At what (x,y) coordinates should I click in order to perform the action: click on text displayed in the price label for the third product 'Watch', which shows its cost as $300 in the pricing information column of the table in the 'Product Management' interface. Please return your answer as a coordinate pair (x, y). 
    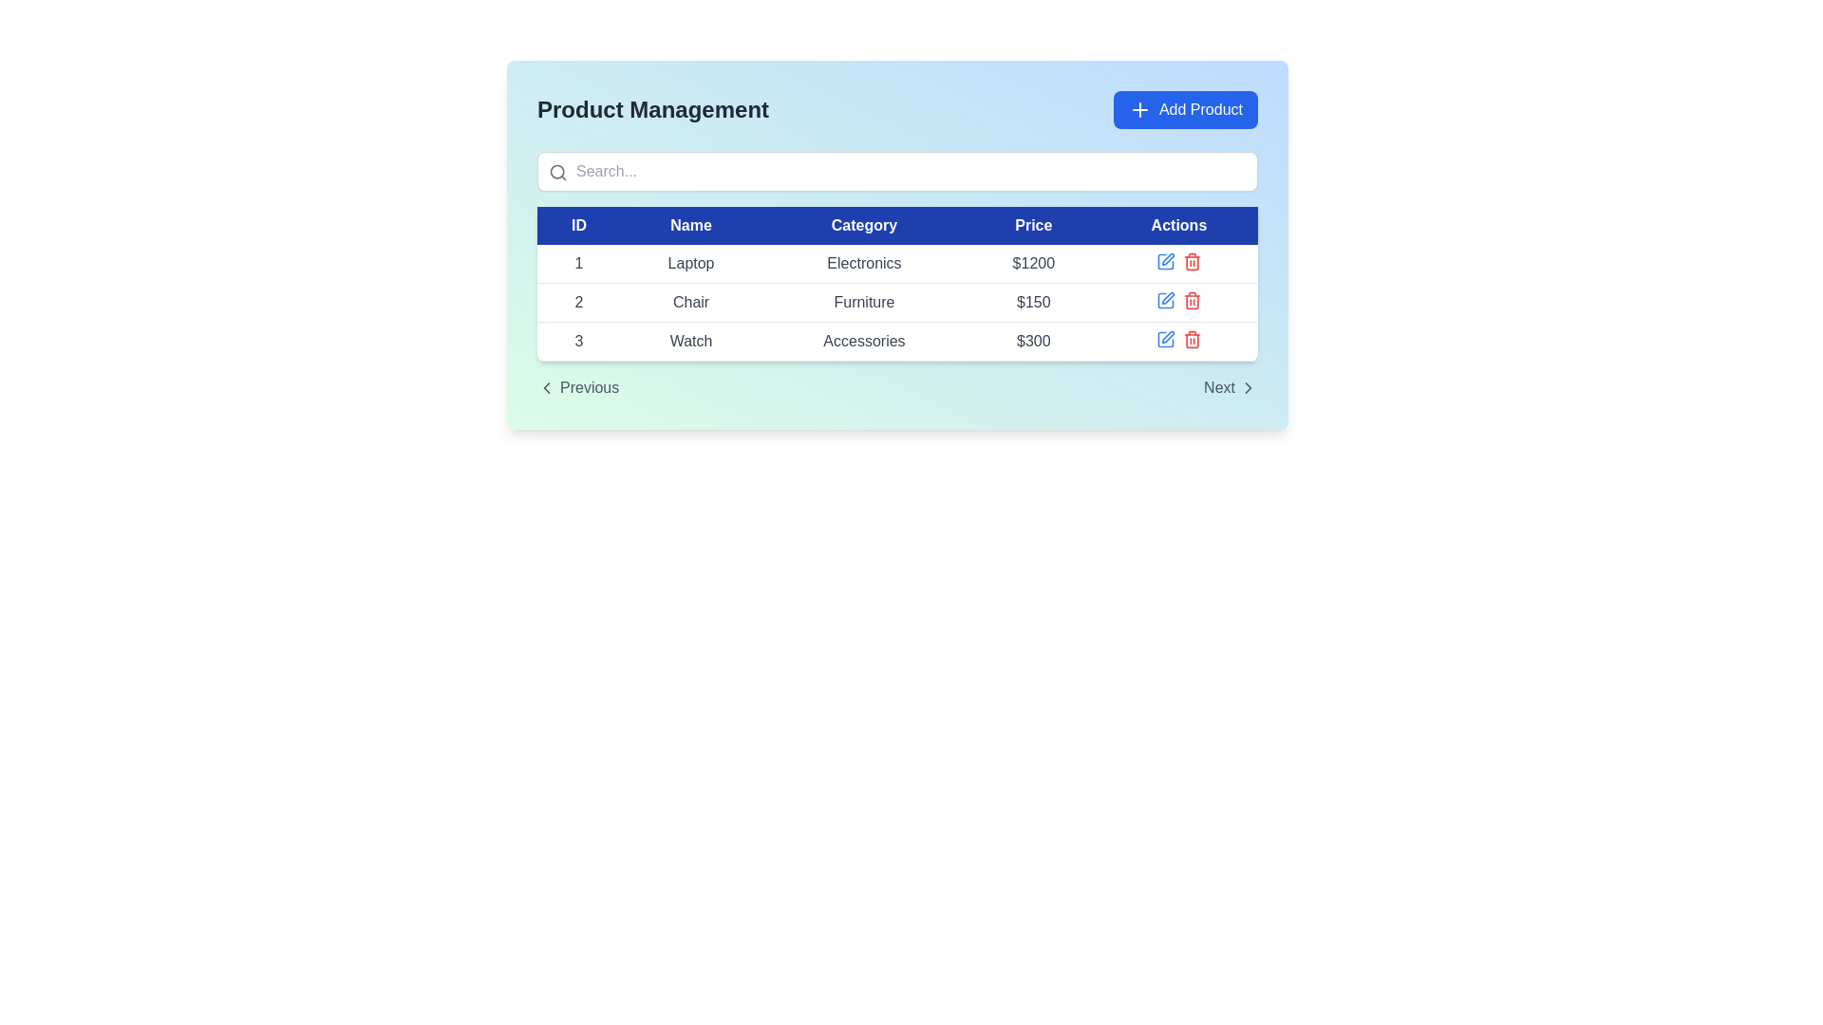
    Looking at the image, I should click on (1032, 340).